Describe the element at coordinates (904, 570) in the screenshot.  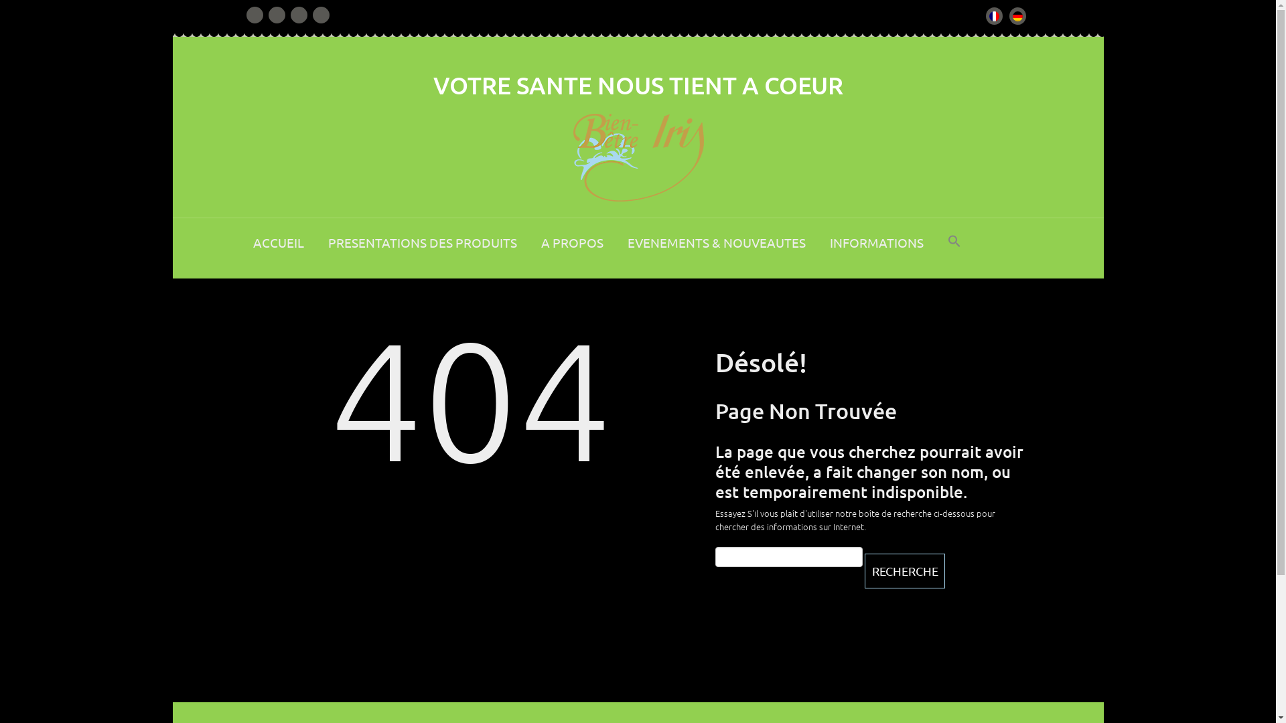
I see `'recherche'` at that location.